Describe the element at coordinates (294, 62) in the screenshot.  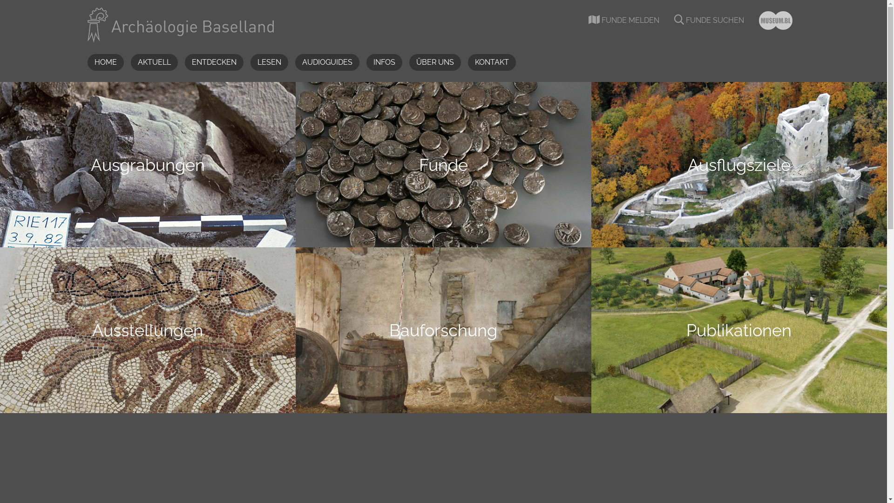
I see `'AUDIOGUIDES'` at that location.